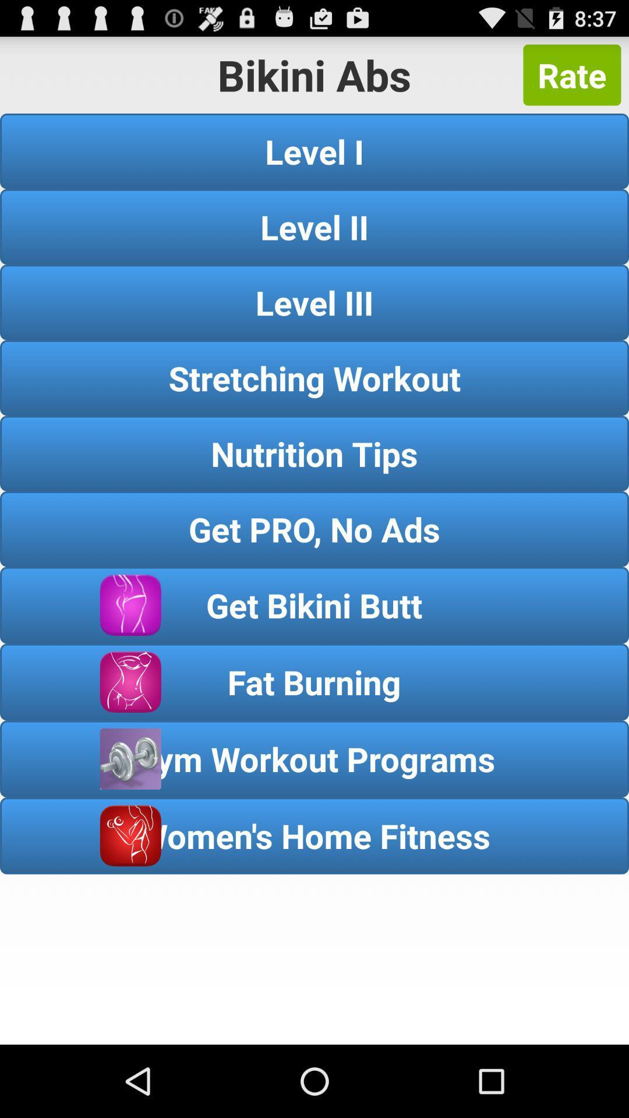  Describe the element at coordinates (314, 528) in the screenshot. I see `the button below nutrition tips button` at that location.